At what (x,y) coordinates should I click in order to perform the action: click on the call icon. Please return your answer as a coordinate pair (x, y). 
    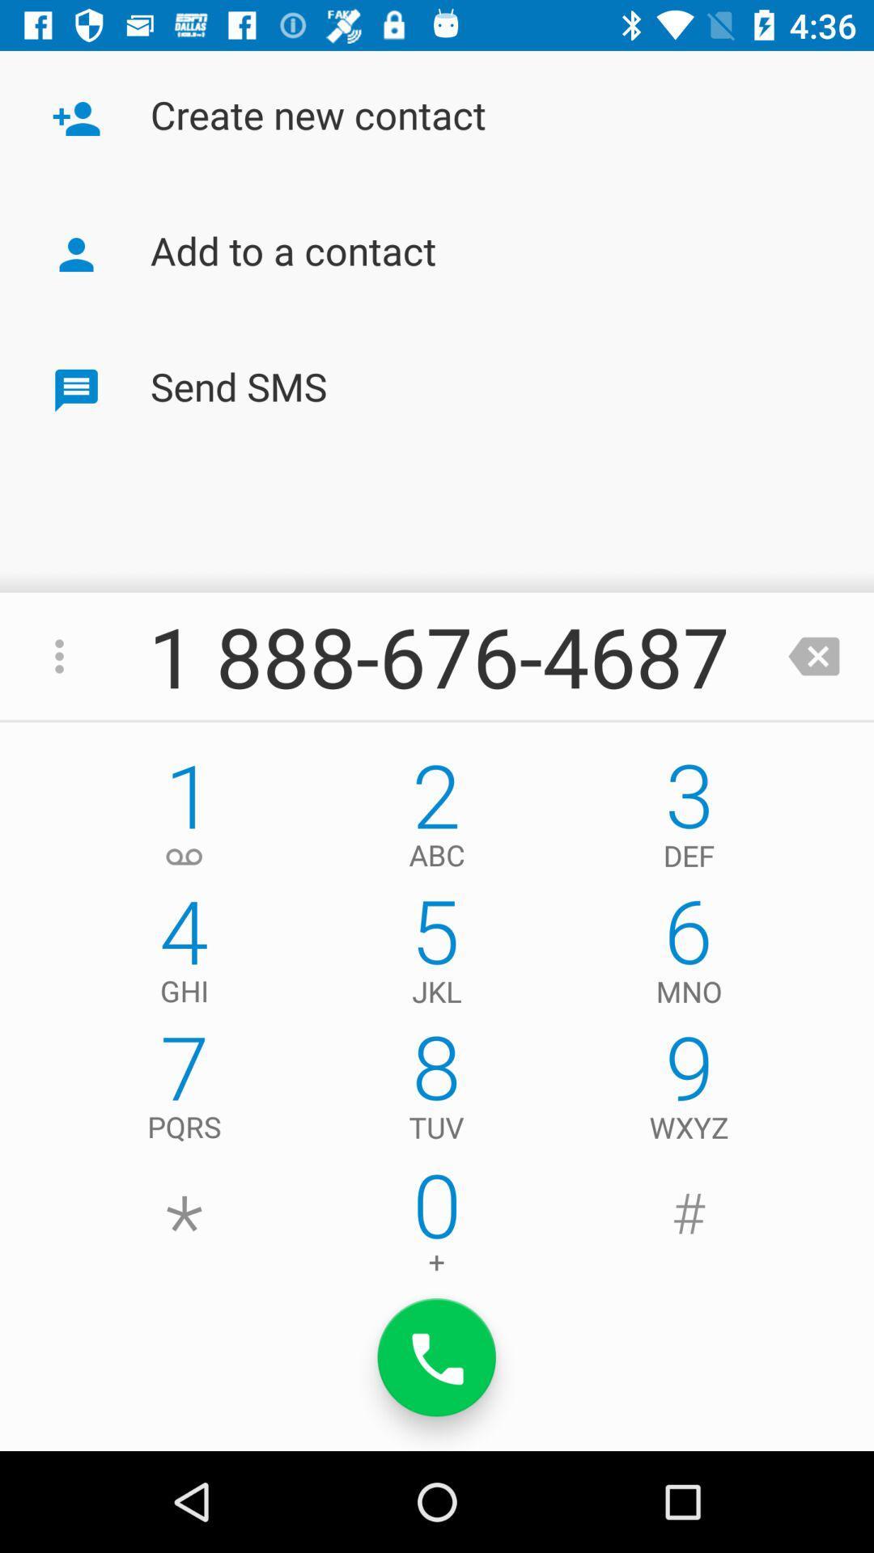
    Looking at the image, I should click on (437, 1357).